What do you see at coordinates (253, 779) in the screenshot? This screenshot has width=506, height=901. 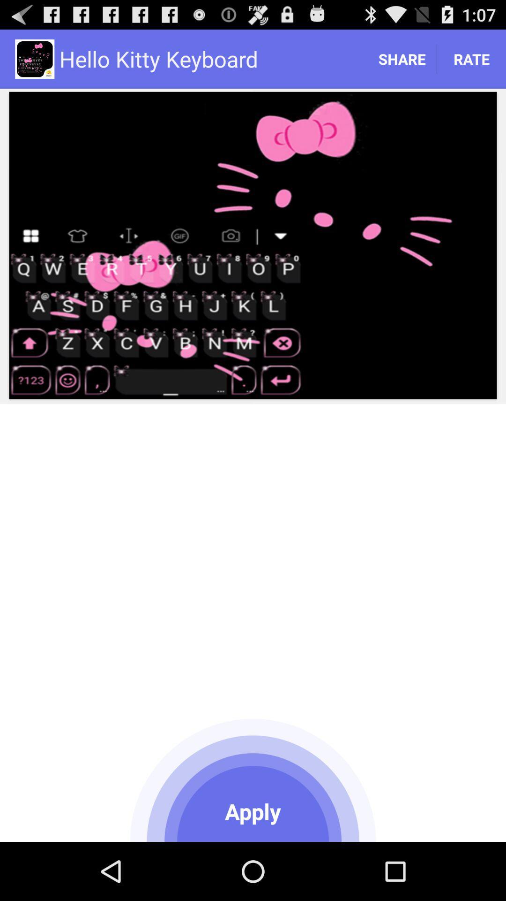 I see `this is what you would click to save your changes that you made` at bounding box center [253, 779].